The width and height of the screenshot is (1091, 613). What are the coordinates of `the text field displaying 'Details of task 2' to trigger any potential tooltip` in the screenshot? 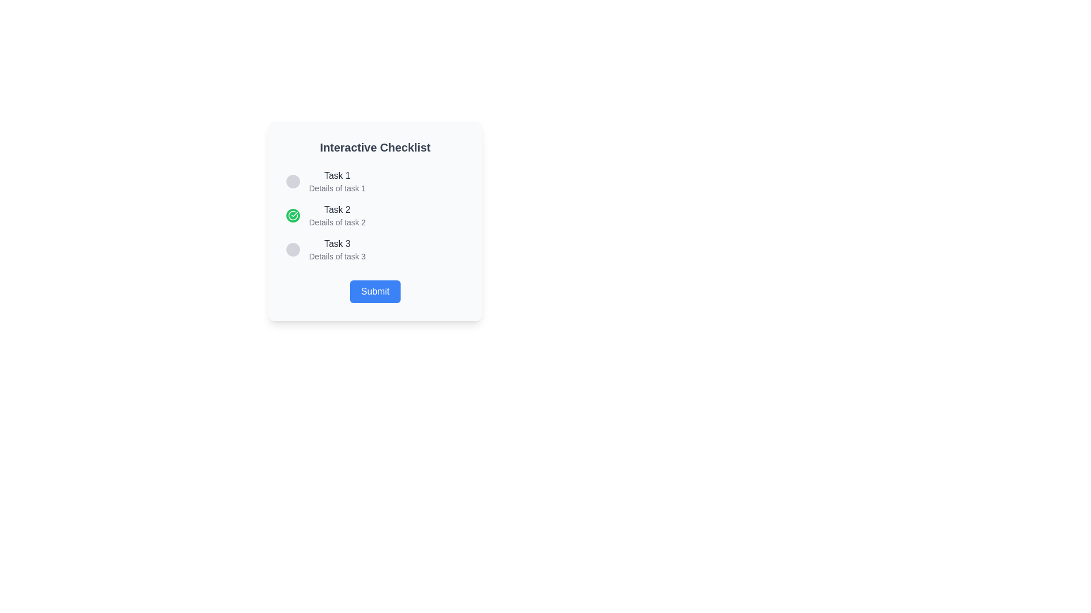 It's located at (336, 222).